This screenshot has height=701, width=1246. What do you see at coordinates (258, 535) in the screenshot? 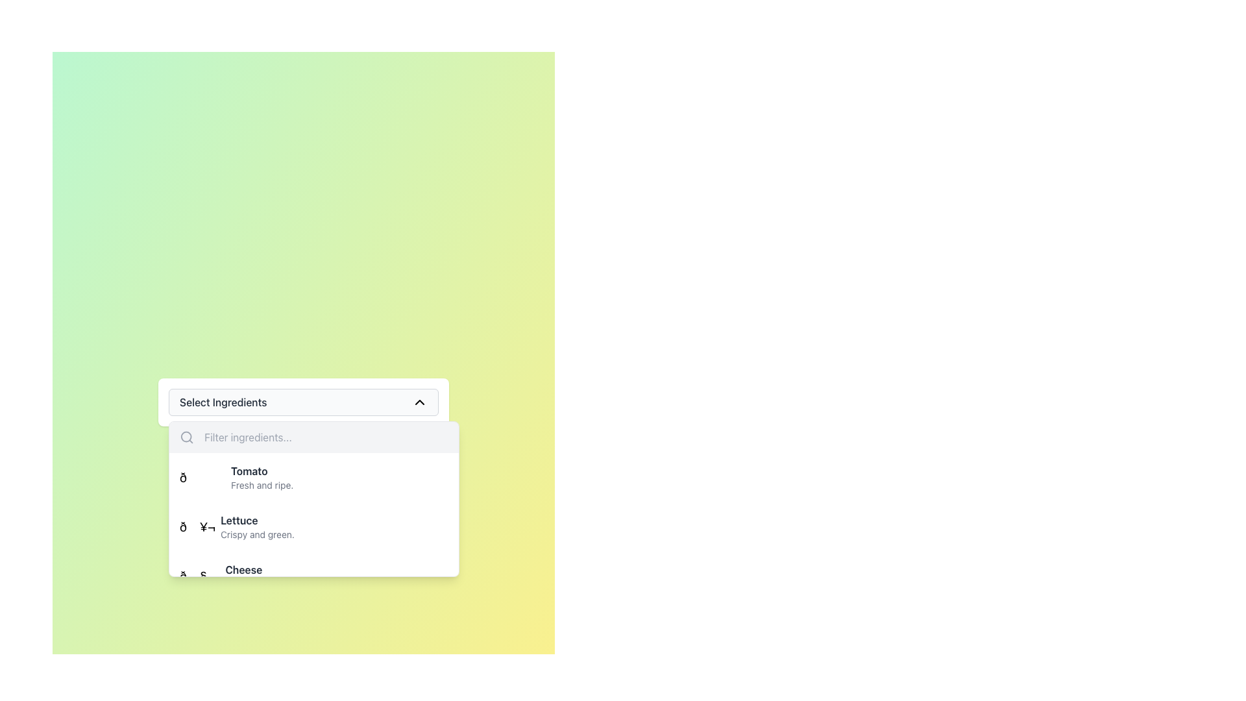
I see `the text element that displays 'Crispy and green.' located below the title 'Lettuce' in the dropdown list` at bounding box center [258, 535].